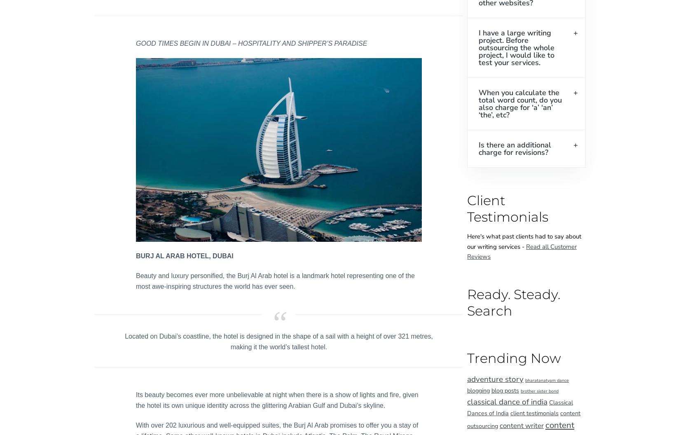 The width and height of the screenshot is (697, 435). What do you see at coordinates (251, 43) in the screenshot?
I see `'GOOD TIMES BEGIN IN DUBAI – HOSPITALITY AND SHIPPER’S PARADISE'` at bounding box center [251, 43].